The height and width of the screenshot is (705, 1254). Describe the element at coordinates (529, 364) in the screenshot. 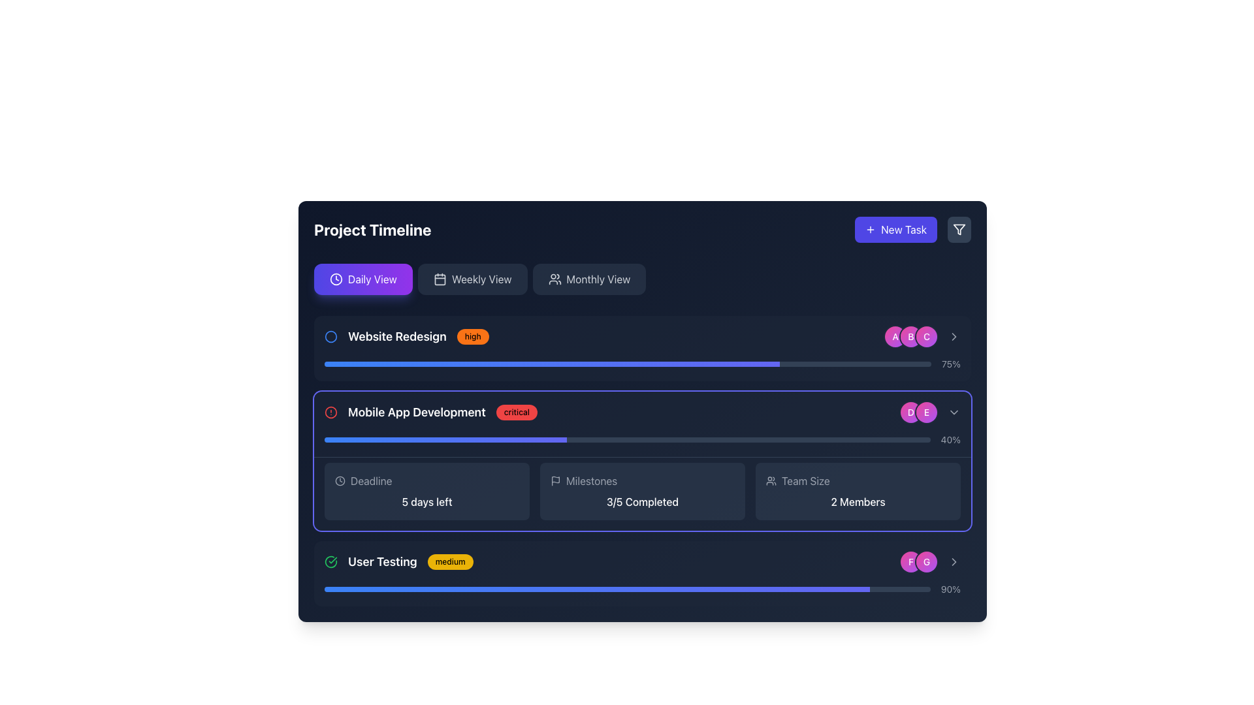

I see `progress` at that location.